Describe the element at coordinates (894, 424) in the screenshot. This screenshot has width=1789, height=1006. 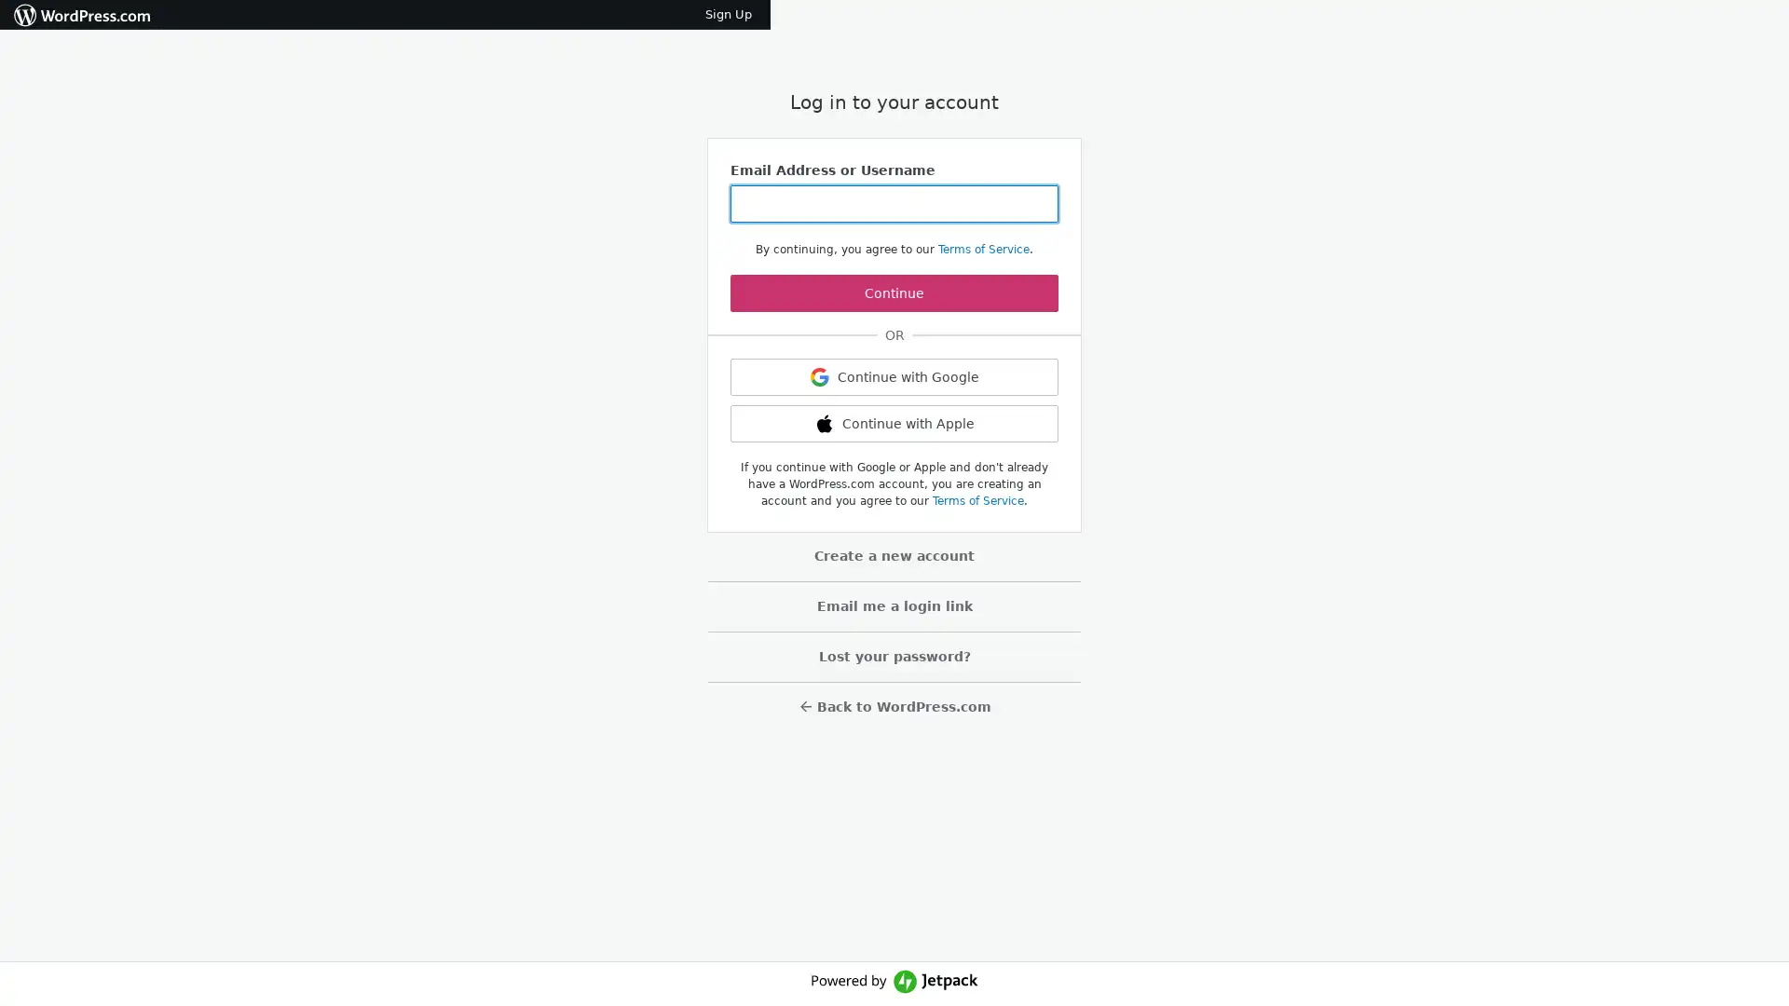
I see `Continue with Apple` at that location.